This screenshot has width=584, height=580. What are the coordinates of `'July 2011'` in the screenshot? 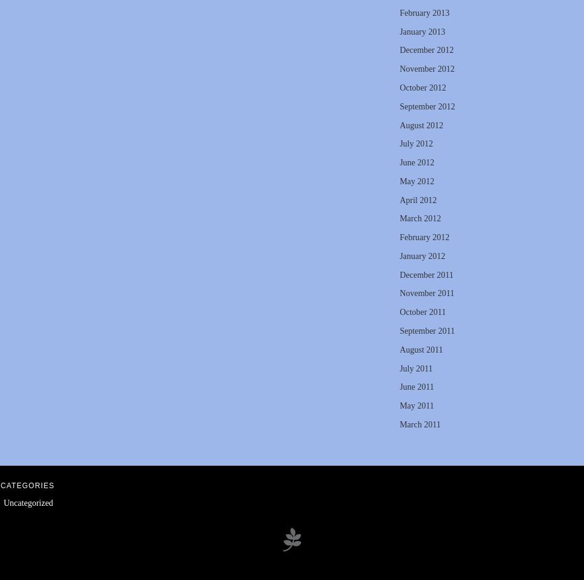 It's located at (415, 367).